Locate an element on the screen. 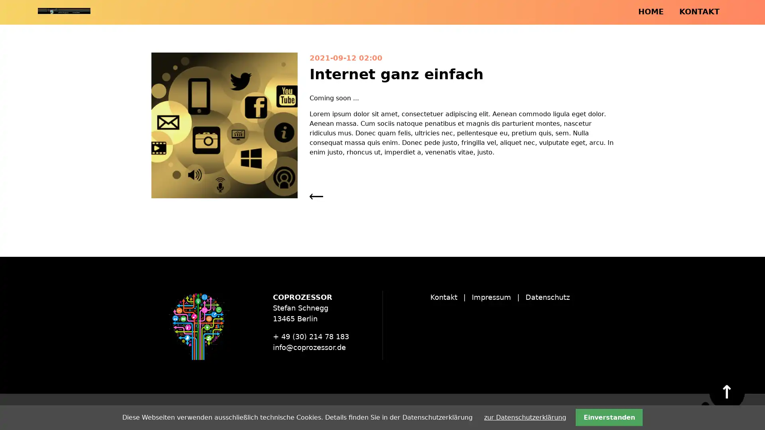 Image resolution: width=765 pixels, height=430 pixels. Einverstanden is located at coordinates (608, 417).